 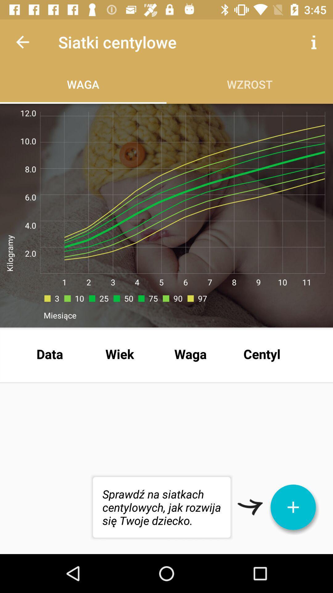 What do you see at coordinates (22, 42) in the screenshot?
I see `the app next to the siatki centylowe` at bounding box center [22, 42].